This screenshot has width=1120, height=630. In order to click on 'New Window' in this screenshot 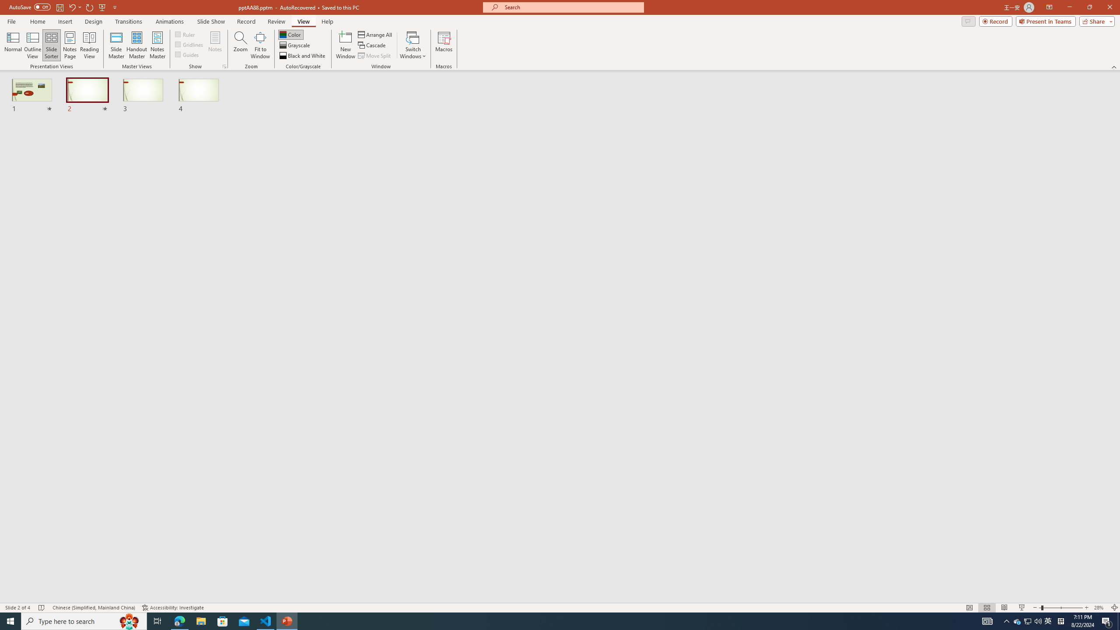, I will do `click(345, 45)`.